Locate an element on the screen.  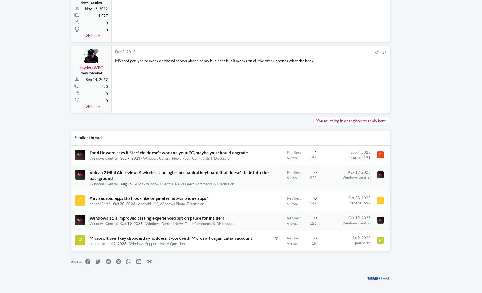
'270' is located at coordinates (104, 87).